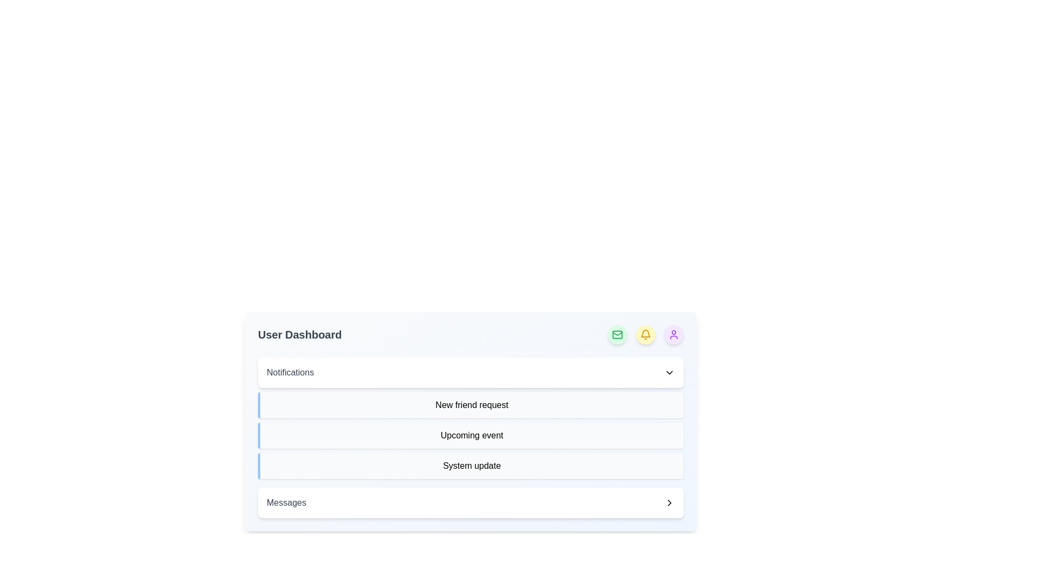 The image size is (1041, 586). What do you see at coordinates (645, 334) in the screenshot?
I see `the bell-shaped notification icon located in the top-right header of the interface` at bounding box center [645, 334].